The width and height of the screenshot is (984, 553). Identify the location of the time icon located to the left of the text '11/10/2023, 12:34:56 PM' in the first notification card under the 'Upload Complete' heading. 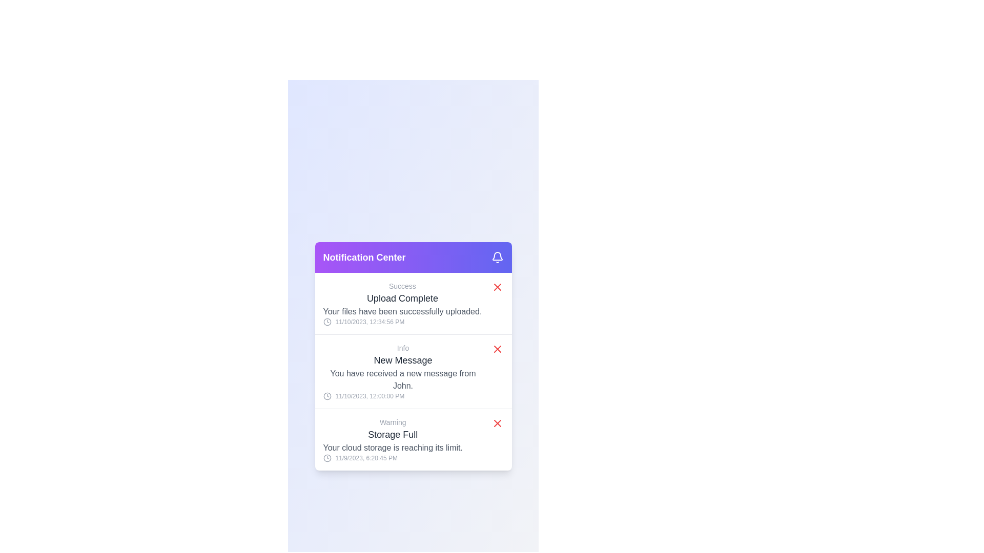
(326, 321).